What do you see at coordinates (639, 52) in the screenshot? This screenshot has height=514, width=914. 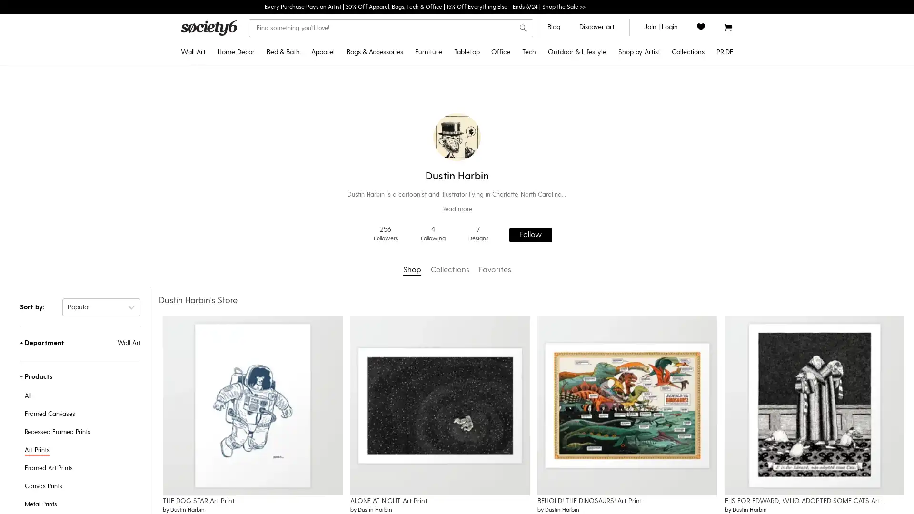 I see `Shop by Artist` at bounding box center [639, 52].